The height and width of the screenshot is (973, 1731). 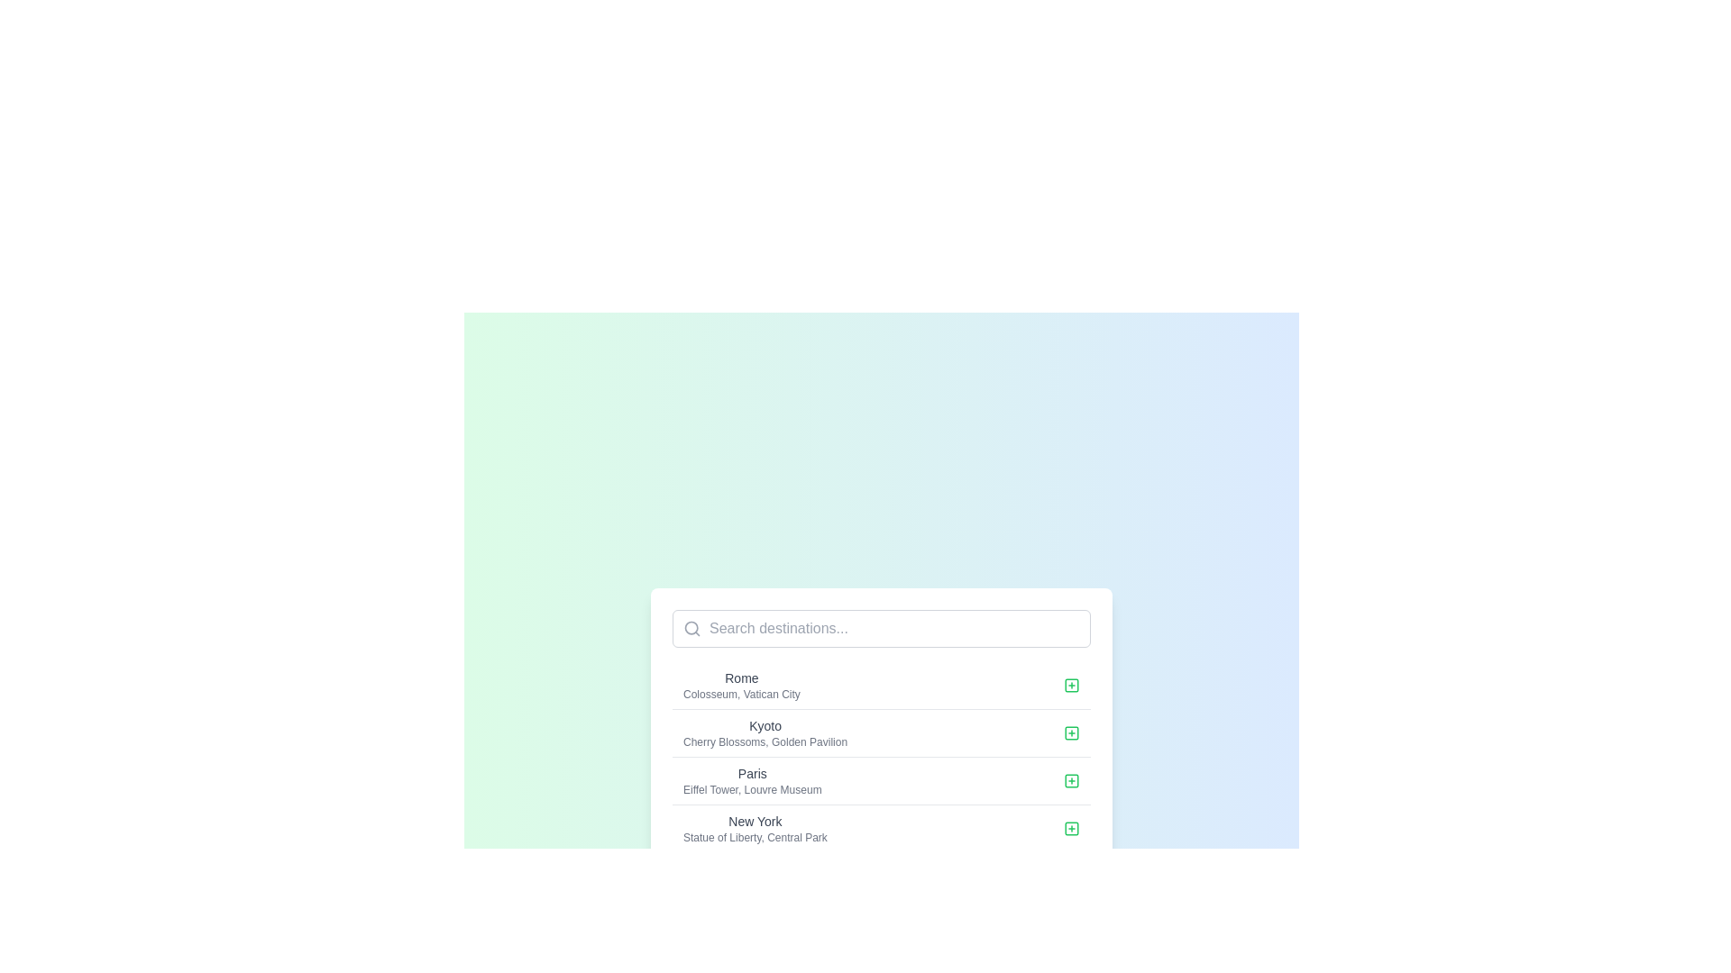 What do you see at coordinates (765, 725) in the screenshot?
I see `text content of the Text label that serves as the title for the second entry in the list, positioned between 'Rome' and 'Paris'` at bounding box center [765, 725].